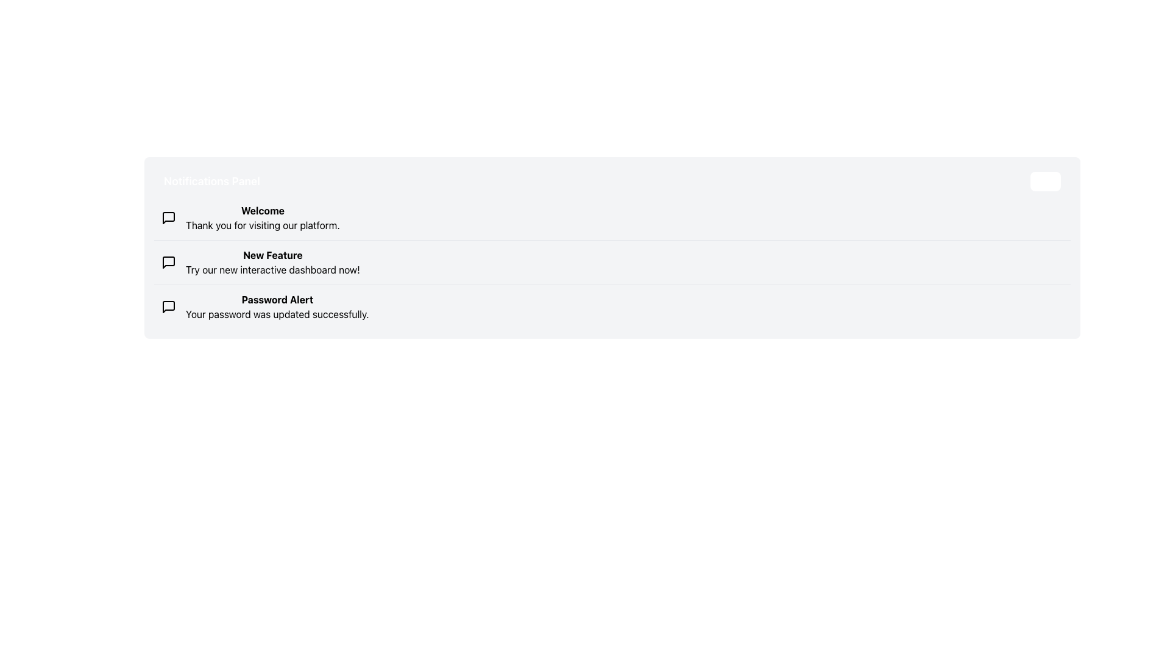 The height and width of the screenshot is (658, 1170). What do you see at coordinates (168, 218) in the screenshot?
I see `the speech bubble icon located to the left of the text 'Welcome' in the notification panel` at bounding box center [168, 218].